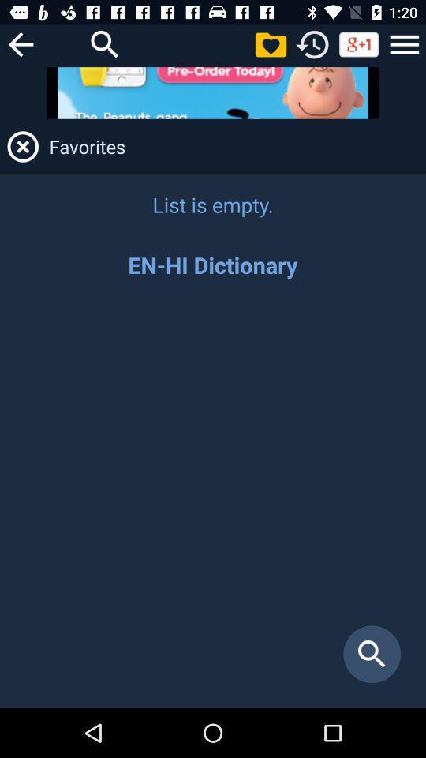  I want to click on search the app, so click(213, 501).